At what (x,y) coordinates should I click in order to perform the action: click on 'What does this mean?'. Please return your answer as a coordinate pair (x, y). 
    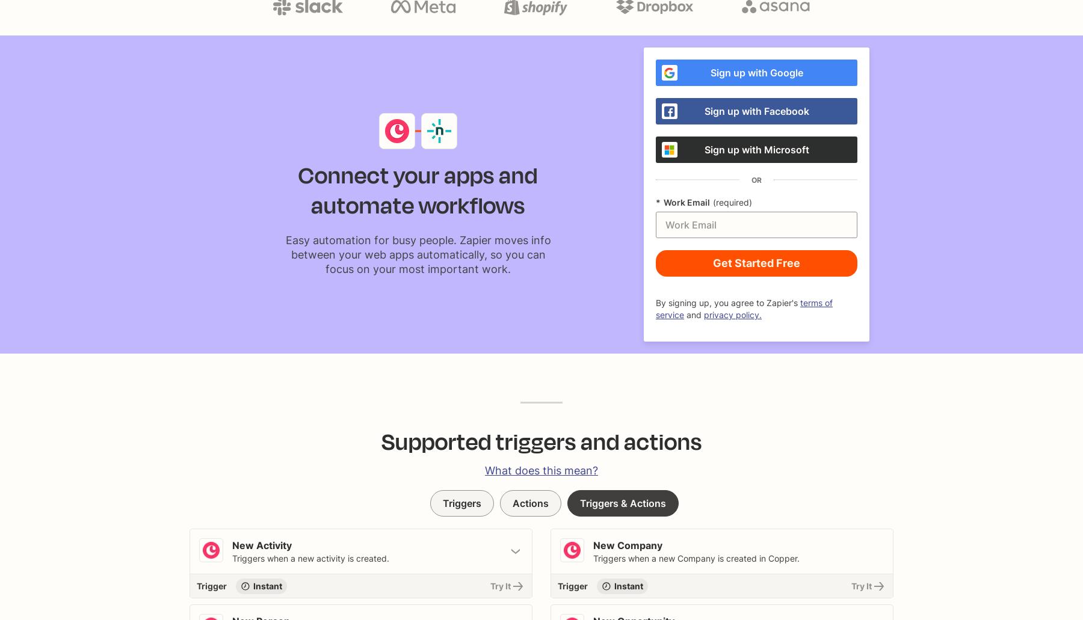
    Looking at the image, I should click on (541, 470).